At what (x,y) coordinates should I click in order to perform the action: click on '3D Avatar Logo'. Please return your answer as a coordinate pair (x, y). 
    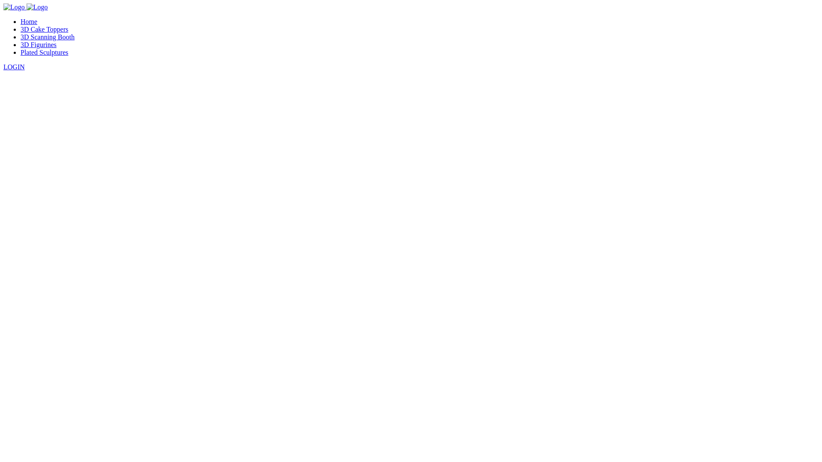
    Looking at the image, I should click on (14, 7).